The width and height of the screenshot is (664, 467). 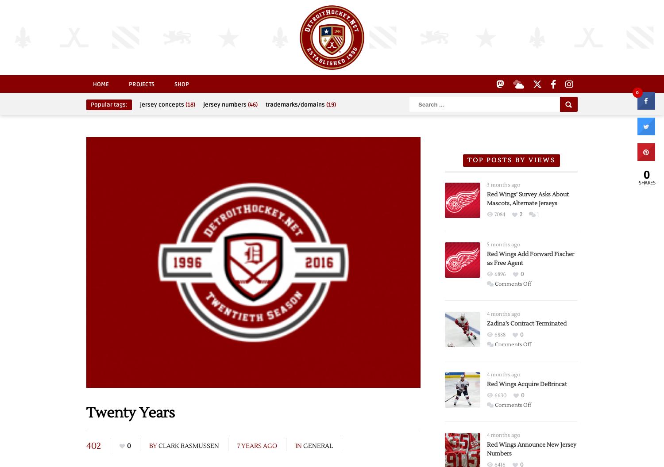 I want to click on 'General', so click(x=317, y=445).